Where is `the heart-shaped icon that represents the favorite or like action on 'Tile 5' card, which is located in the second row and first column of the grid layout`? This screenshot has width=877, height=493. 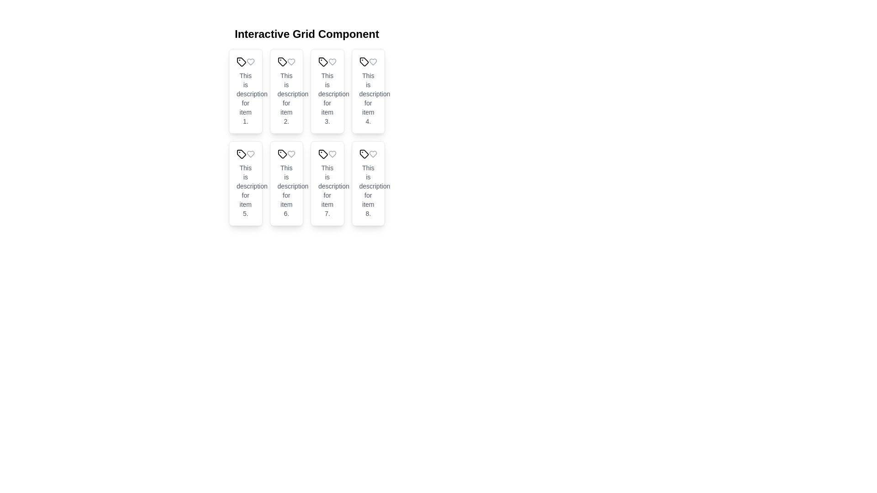 the heart-shaped icon that represents the favorite or like action on 'Tile 5' card, which is located in the second row and first column of the grid layout is located at coordinates (250, 154).